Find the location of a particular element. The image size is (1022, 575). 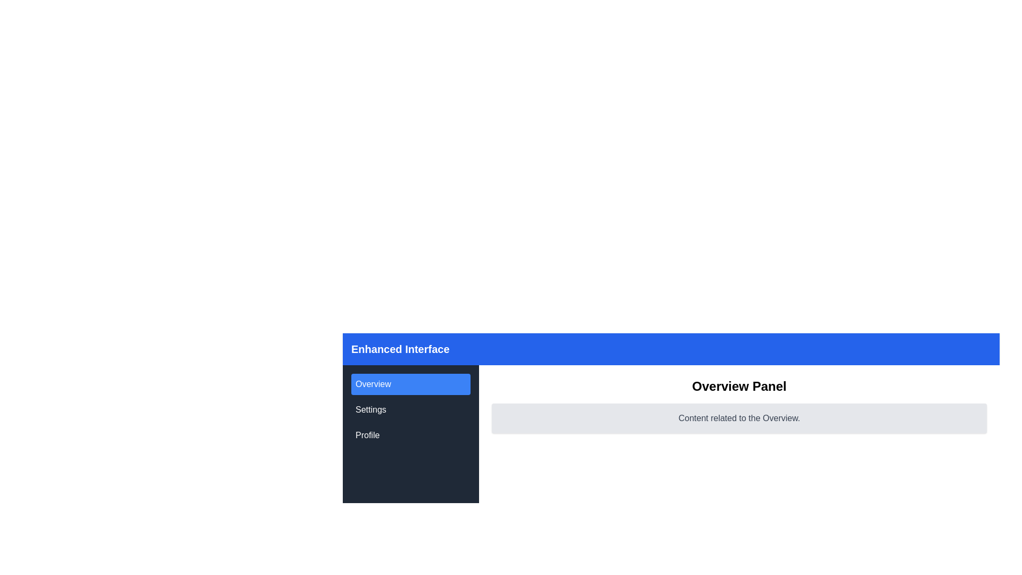

the text label 'Overview Panel' which is styled with a large, bold font and positioned at the top of the content panel is located at coordinates (738, 386).